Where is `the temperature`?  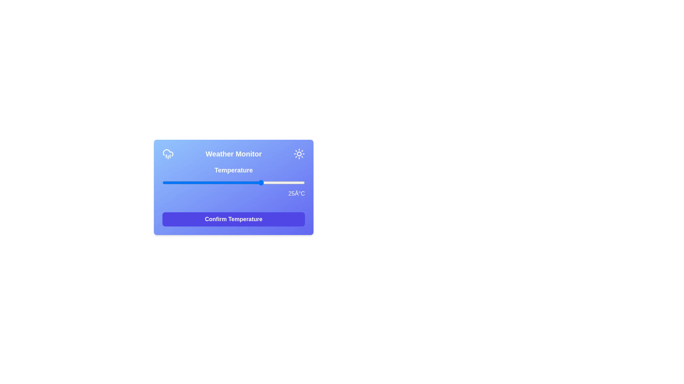 the temperature is located at coordinates (251, 182).